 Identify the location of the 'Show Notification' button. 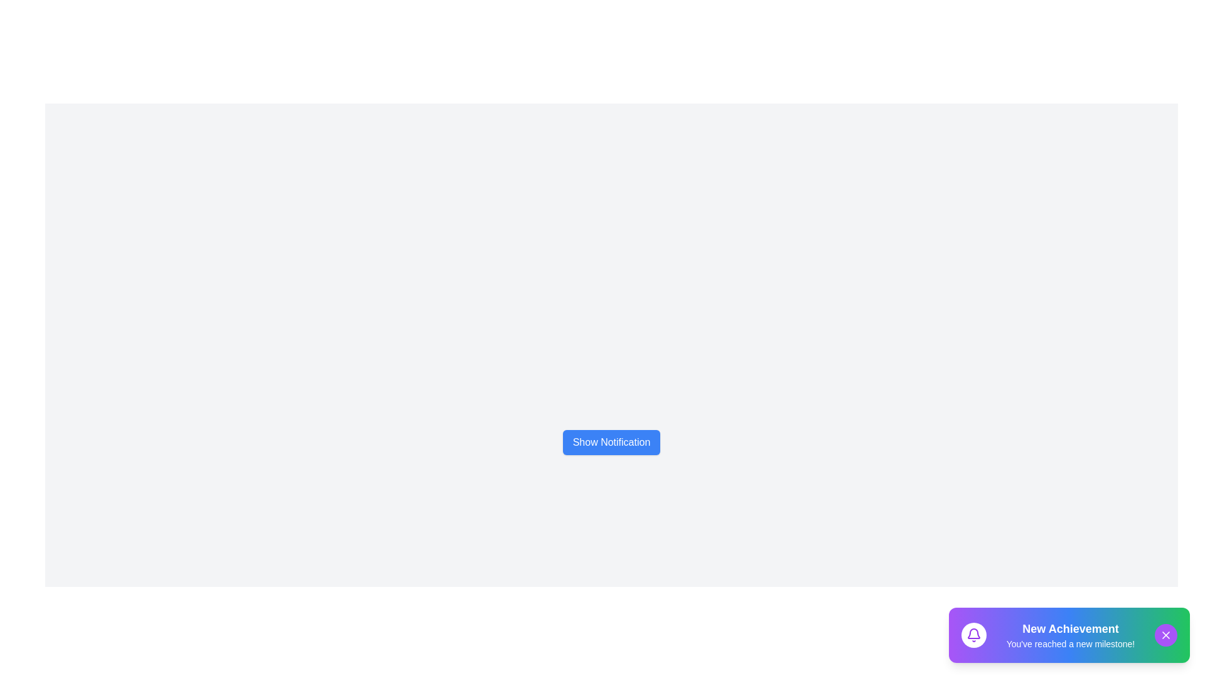
(611, 442).